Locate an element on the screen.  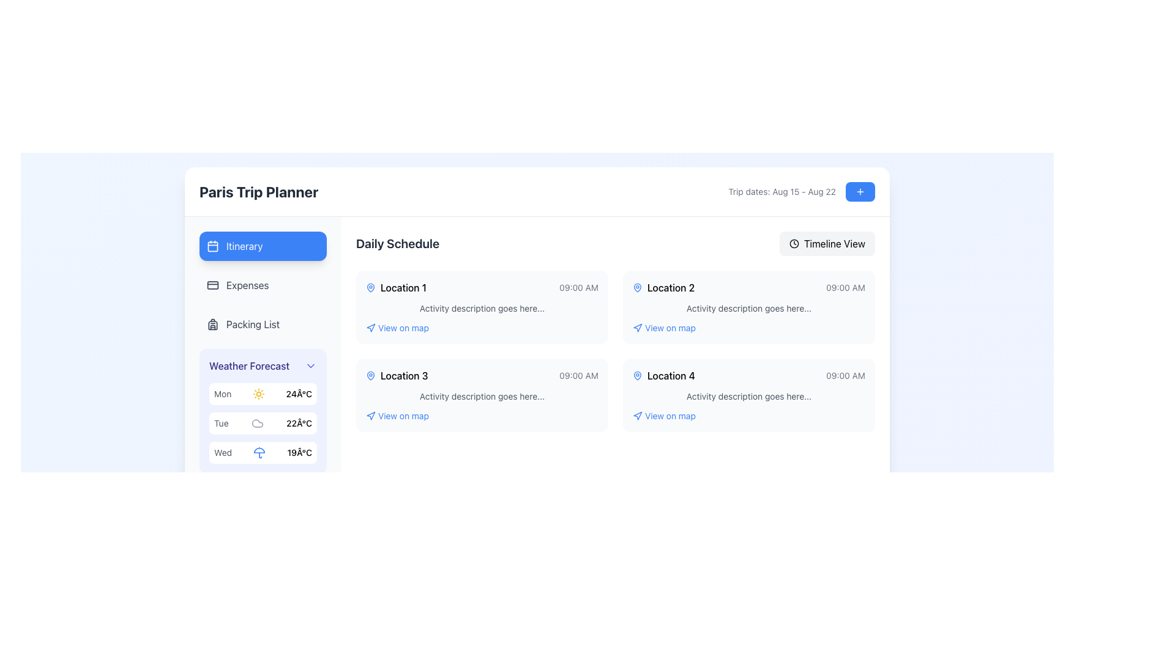
the 'View on map' text link for 'Location 3' is located at coordinates (403, 416).